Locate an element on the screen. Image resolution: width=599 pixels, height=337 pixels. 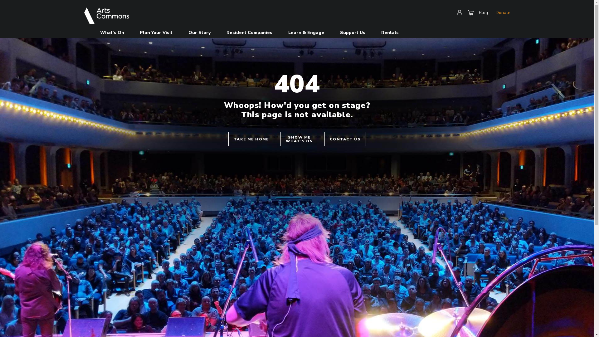
'Donate' is located at coordinates (503, 13).